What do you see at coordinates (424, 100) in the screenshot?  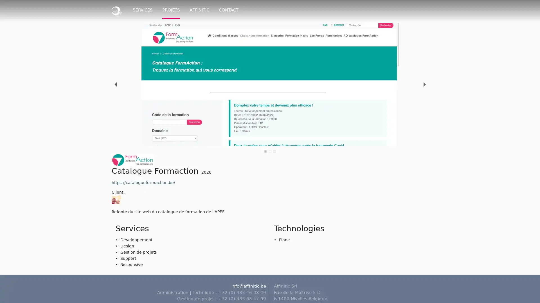 I see `next slide / item` at bounding box center [424, 100].